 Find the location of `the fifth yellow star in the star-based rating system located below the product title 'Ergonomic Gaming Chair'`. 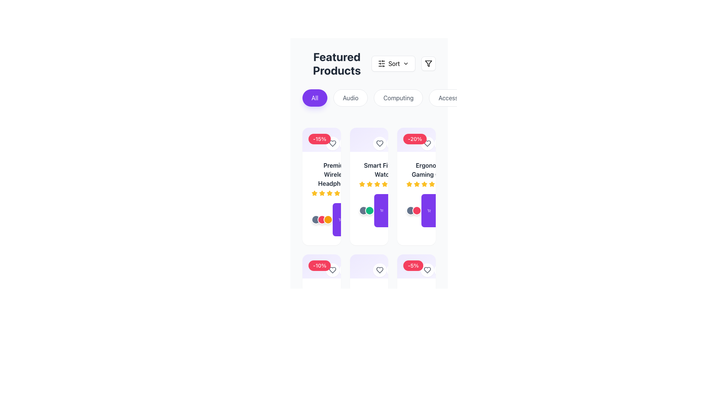

the fifth yellow star in the star-based rating system located below the product title 'Ergonomic Gaming Chair' is located at coordinates (424, 184).